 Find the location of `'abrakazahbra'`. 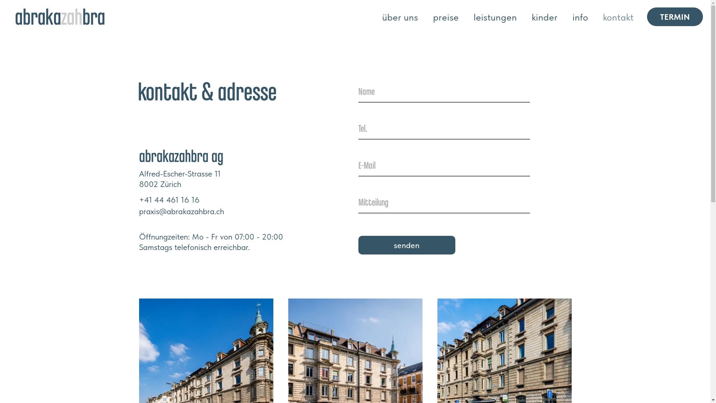

'abrakazahbra' is located at coordinates (15, 22).